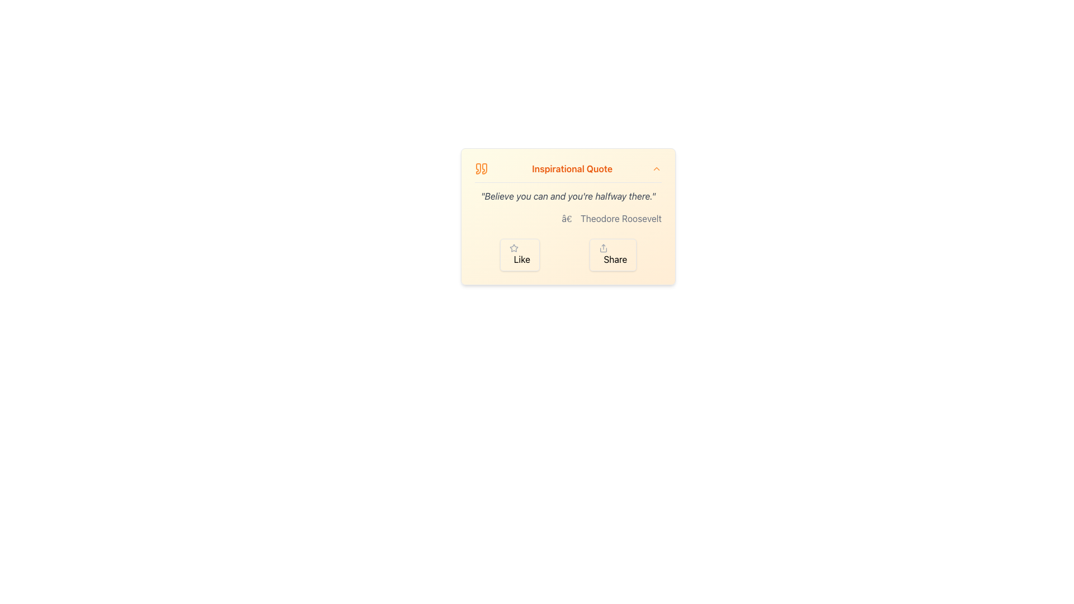 This screenshot has height=604, width=1074. Describe the element at coordinates (513, 247) in the screenshot. I see `the visual presentation of the star icon located to the left of the text 'Inspirational Quote' in the header section of the card displaying the quote` at that location.